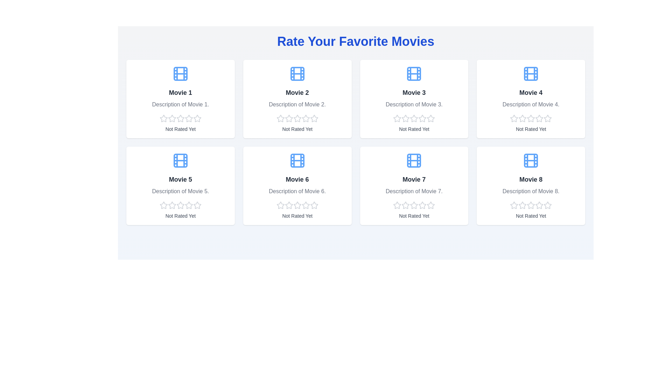  What do you see at coordinates (180, 99) in the screenshot?
I see `the description of Movie 1` at bounding box center [180, 99].